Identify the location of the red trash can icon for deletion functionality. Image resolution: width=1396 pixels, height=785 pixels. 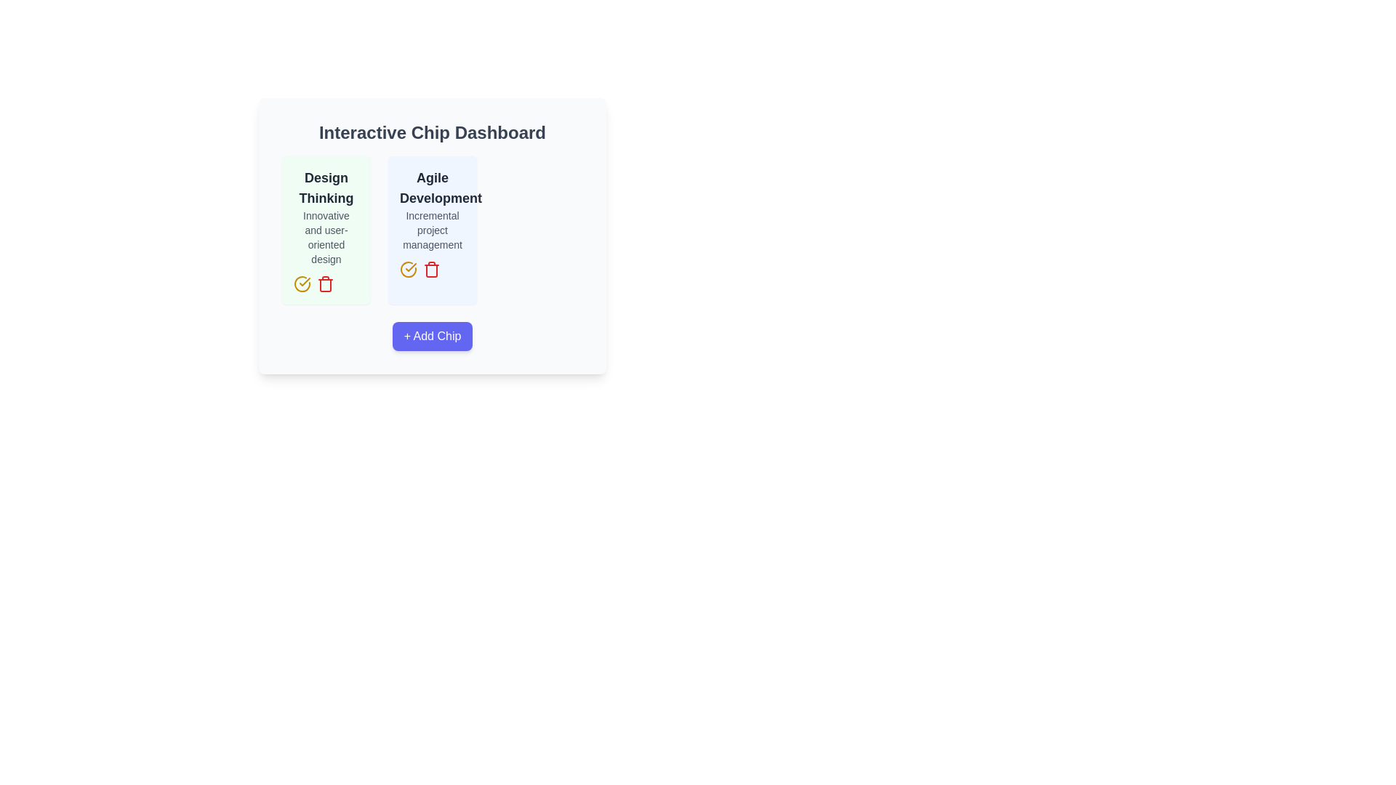
(324, 283).